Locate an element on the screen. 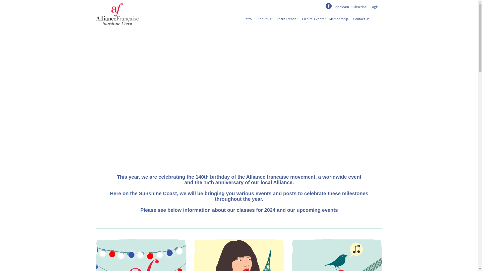  'Intro' is located at coordinates (248, 18).